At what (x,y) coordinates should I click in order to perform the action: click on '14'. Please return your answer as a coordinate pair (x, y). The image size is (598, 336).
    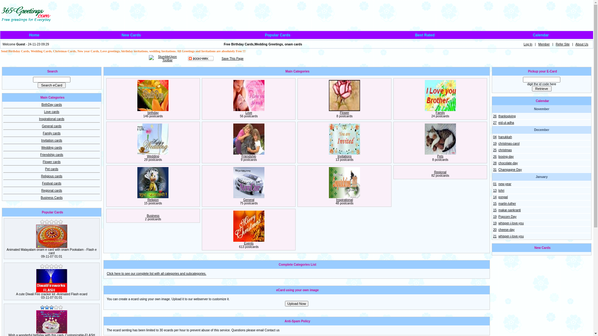
    Looking at the image, I should click on (493, 197).